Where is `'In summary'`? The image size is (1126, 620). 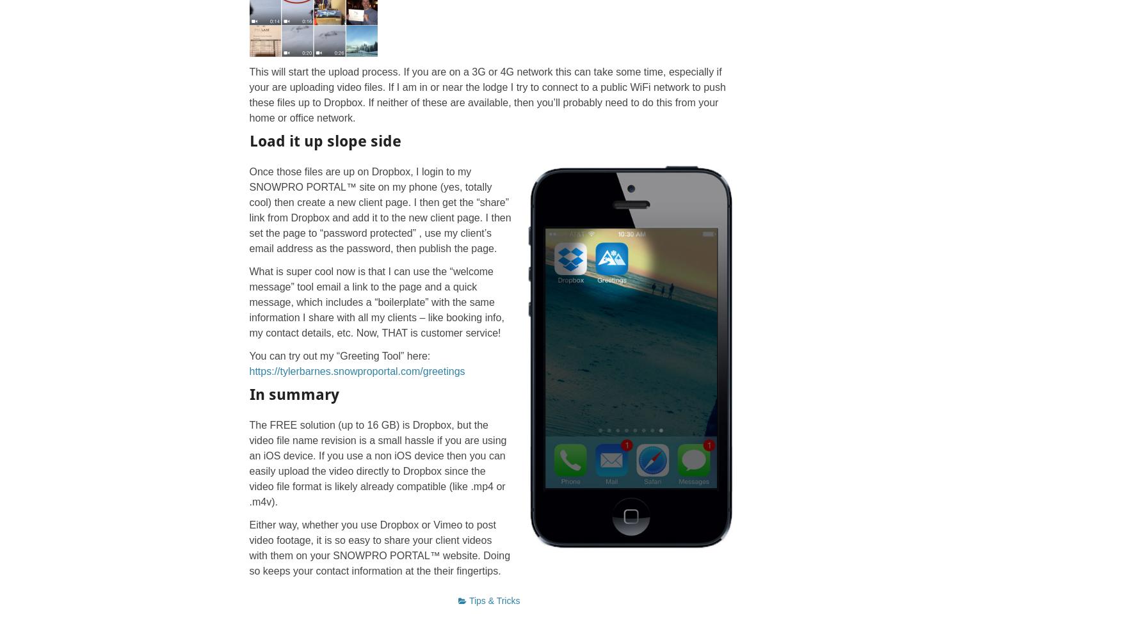 'In summary' is located at coordinates (293, 393).